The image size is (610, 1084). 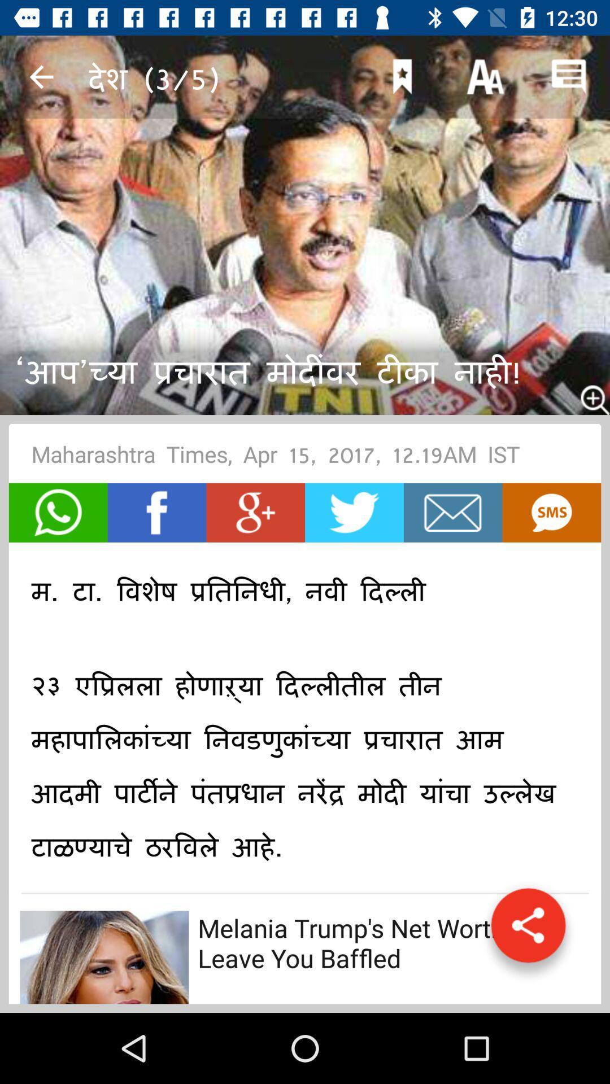 What do you see at coordinates (452, 512) in the screenshot?
I see `type the message bar` at bounding box center [452, 512].